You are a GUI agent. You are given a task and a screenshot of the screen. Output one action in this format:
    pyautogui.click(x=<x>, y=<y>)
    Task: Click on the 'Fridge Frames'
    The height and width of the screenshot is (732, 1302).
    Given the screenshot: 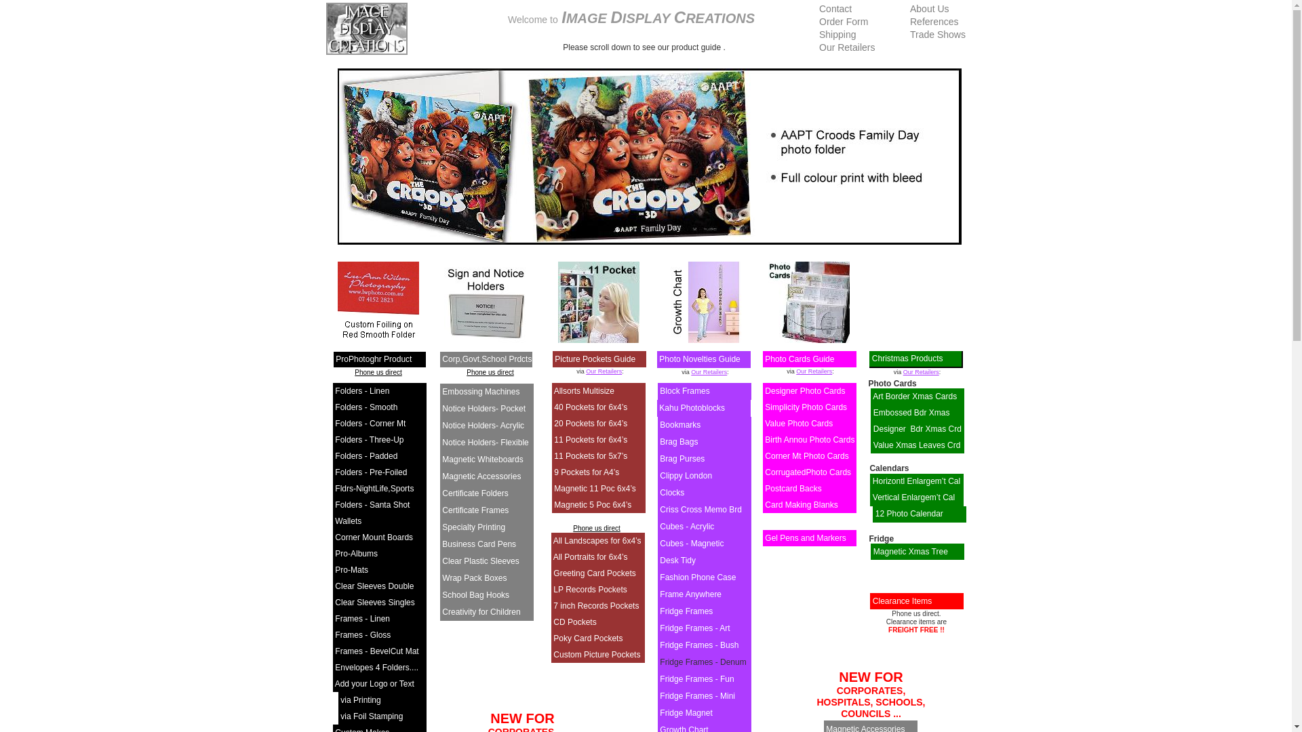 What is the action you would take?
    pyautogui.click(x=686, y=611)
    